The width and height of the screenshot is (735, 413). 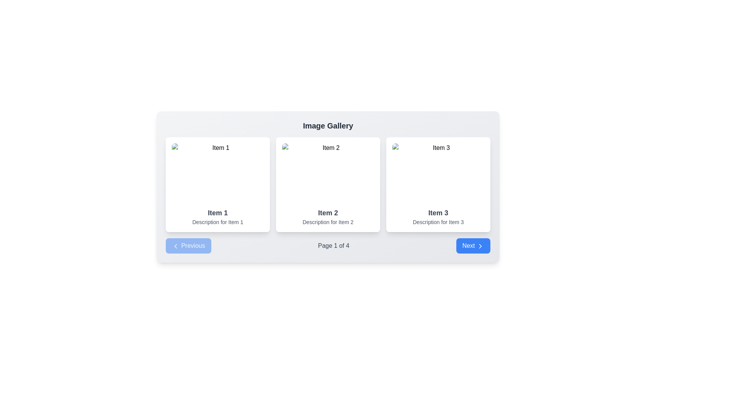 What do you see at coordinates (217, 222) in the screenshot?
I see `the non-interactive Text label providing information for 'Item 1', located at the bottom of the content area of the card in the 'Image Gallery' section` at bounding box center [217, 222].